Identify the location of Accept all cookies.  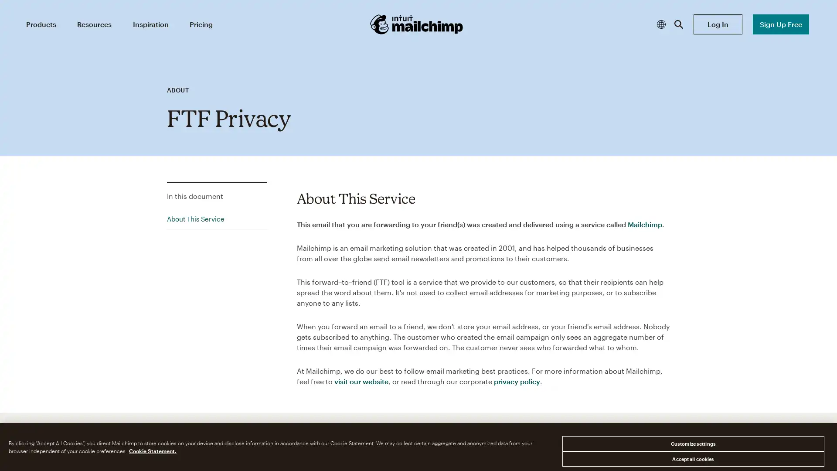
(692, 458).